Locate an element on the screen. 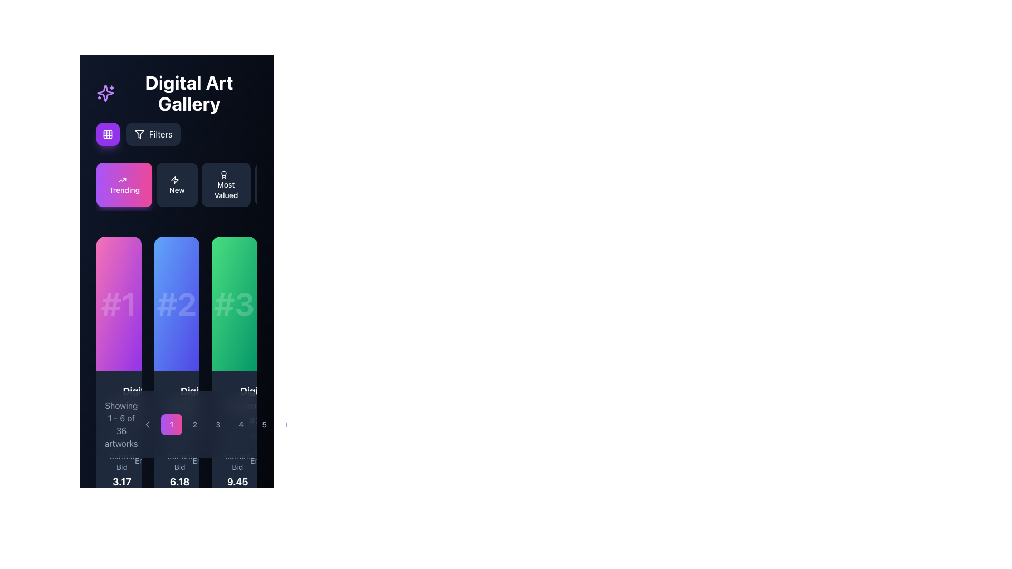 This screenshot has height=569, width=1012. the 'New' button, the second button is located at coordinates (177, 186).